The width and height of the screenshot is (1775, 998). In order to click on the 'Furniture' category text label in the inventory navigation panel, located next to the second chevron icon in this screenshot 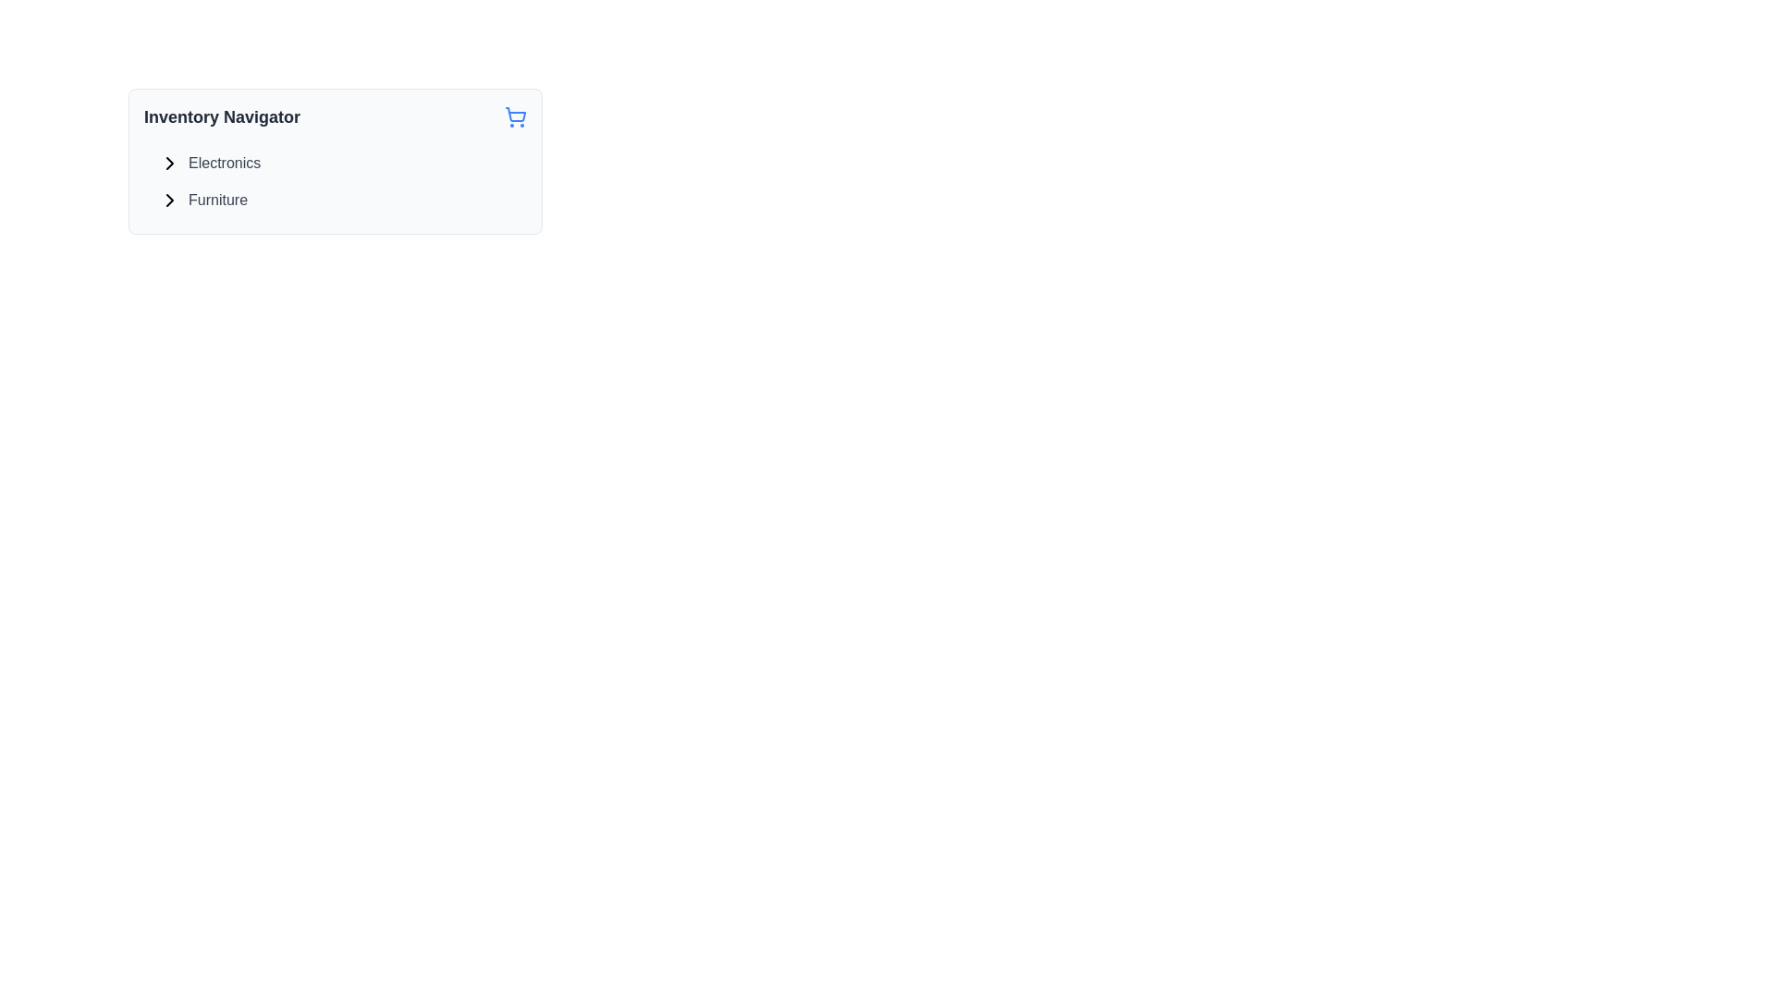, I will do `click(217, 200)`.